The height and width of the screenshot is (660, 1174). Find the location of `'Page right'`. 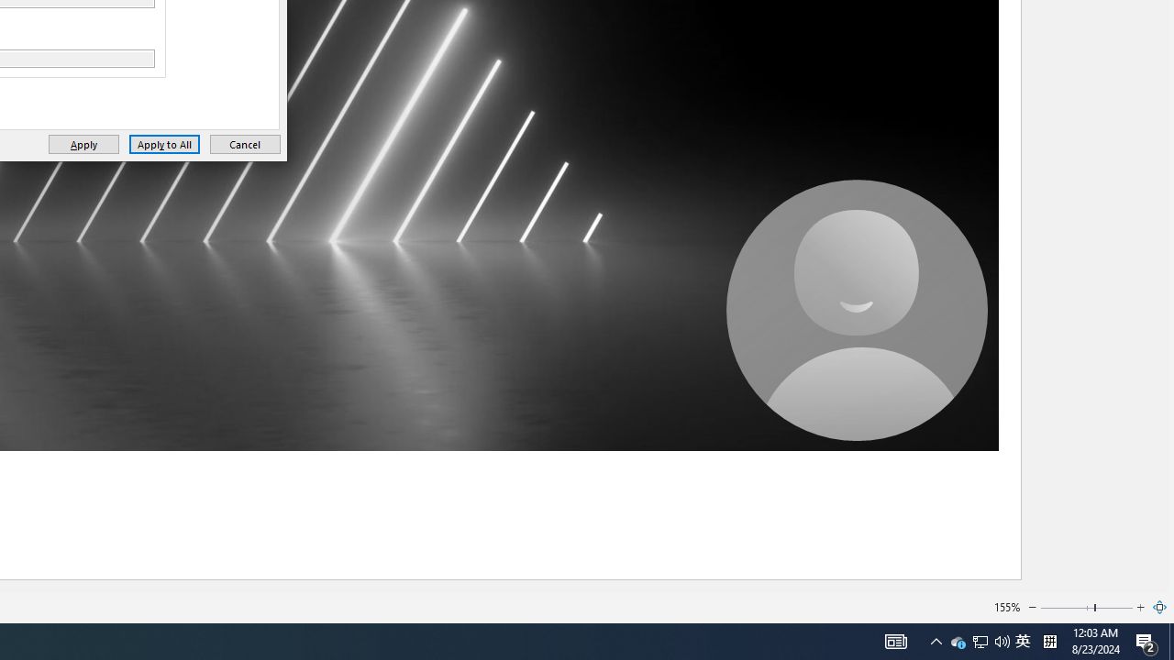

'Page right' is located at coordinates (1113, 608).